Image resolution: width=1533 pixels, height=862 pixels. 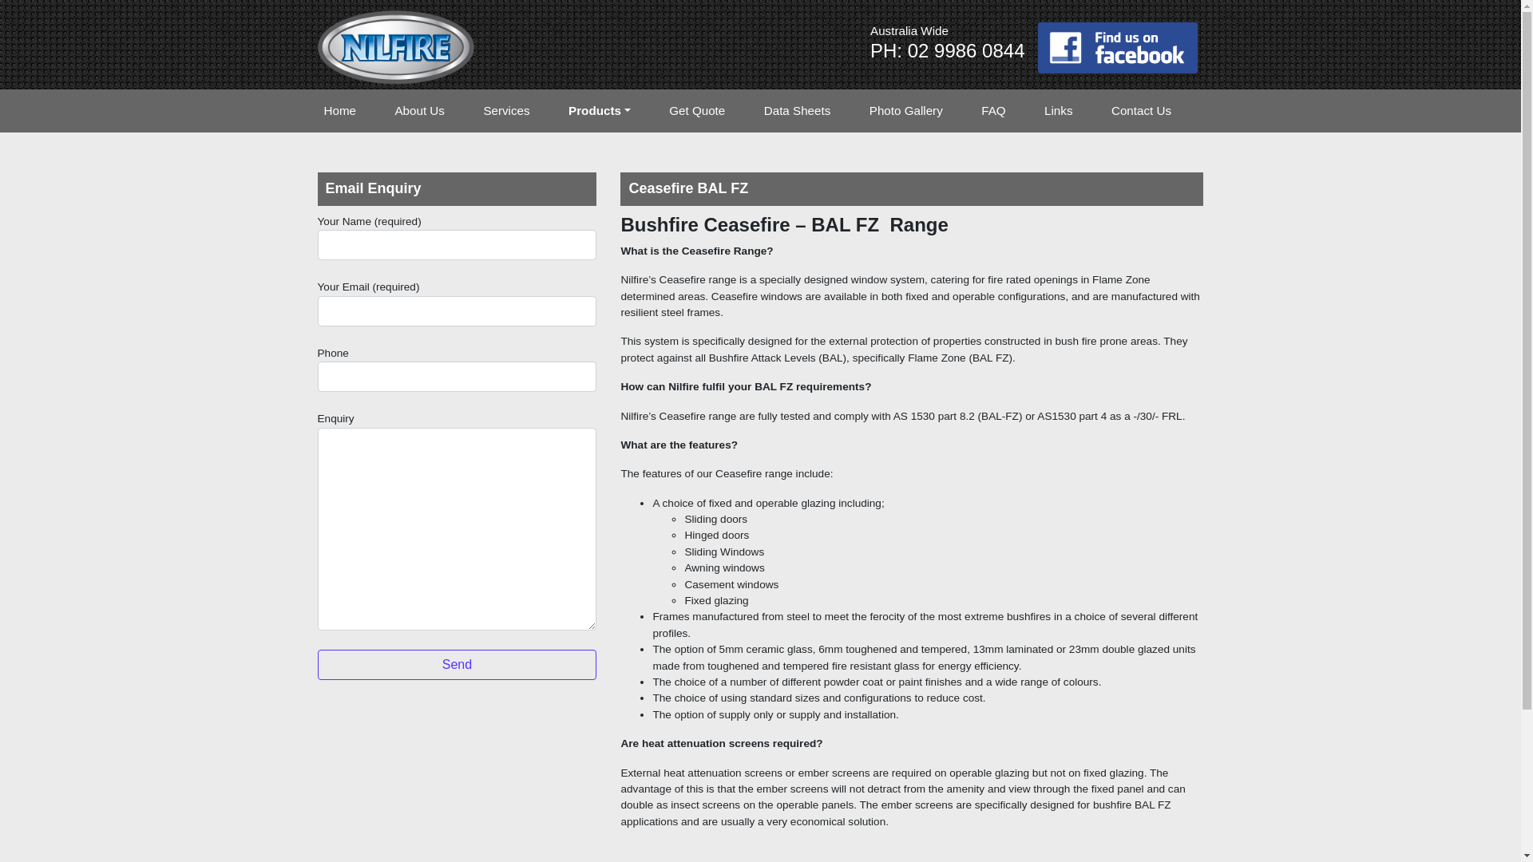 I want to click on 'Data Sheets', so click(x=757, y=110).